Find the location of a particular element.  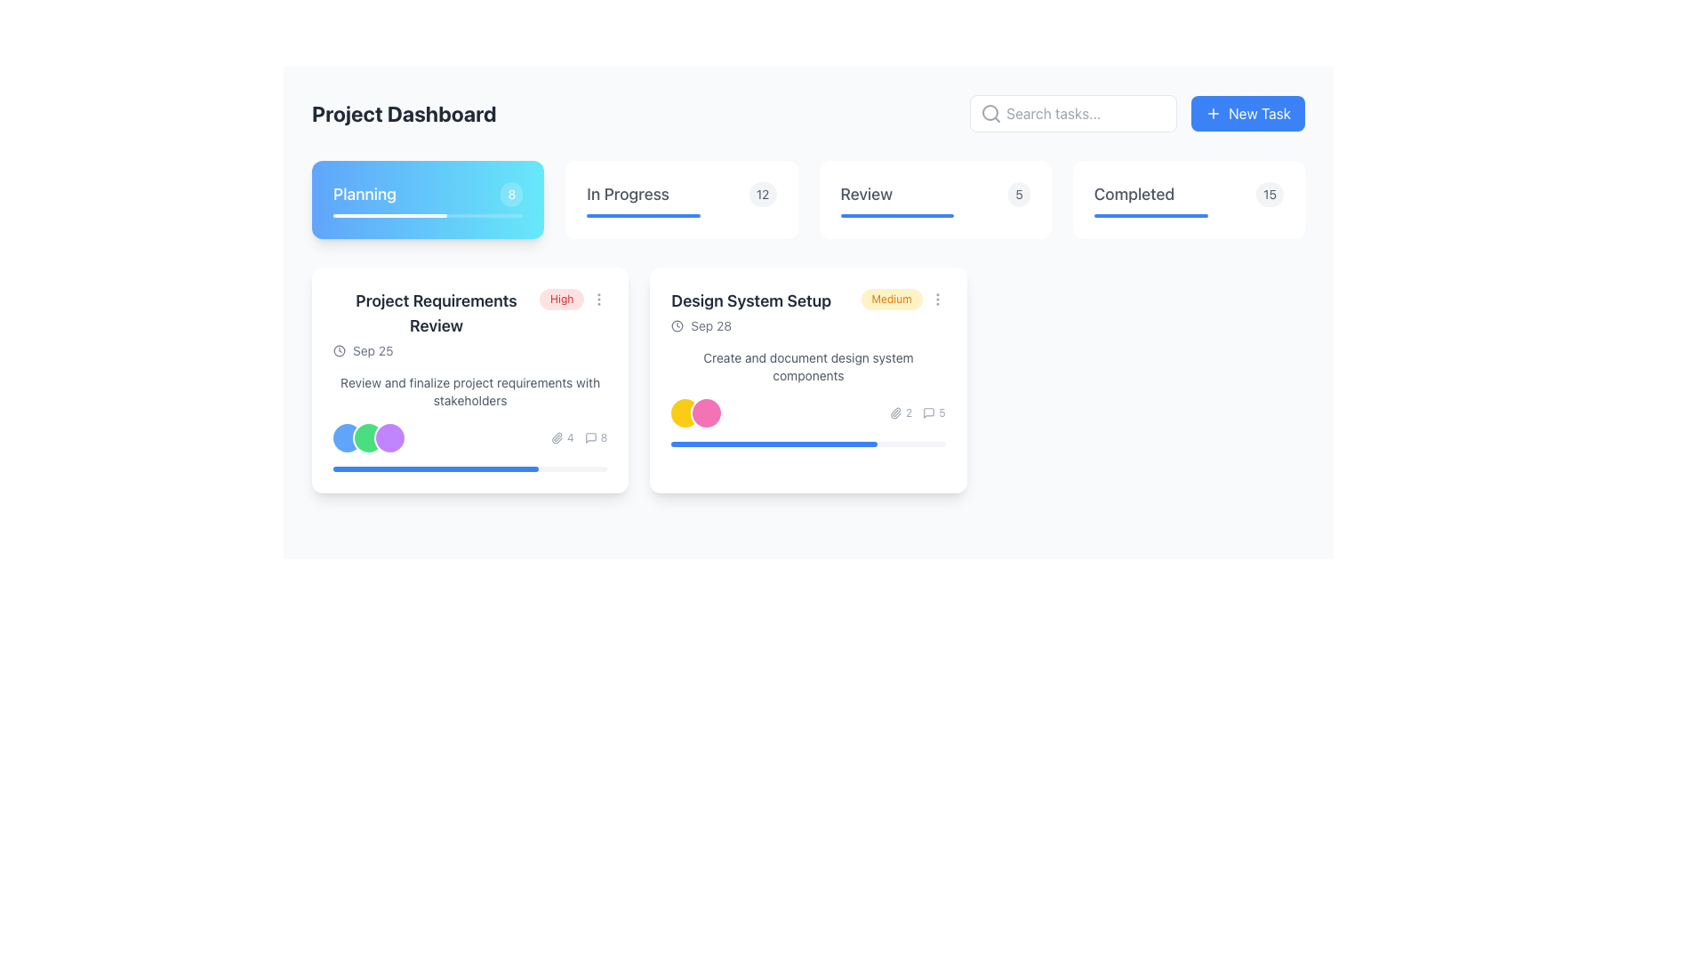

the progress bar located at the bottom of the 'Project Requirements Review' card under the 'Planning' section to visually indicate the completion percentage of a task is located at coordinates (470, 468).